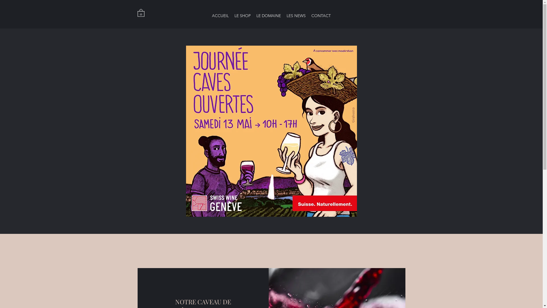 The width and height of the screenshot is (547, 308). I want to click on '0', so click(141, 13).